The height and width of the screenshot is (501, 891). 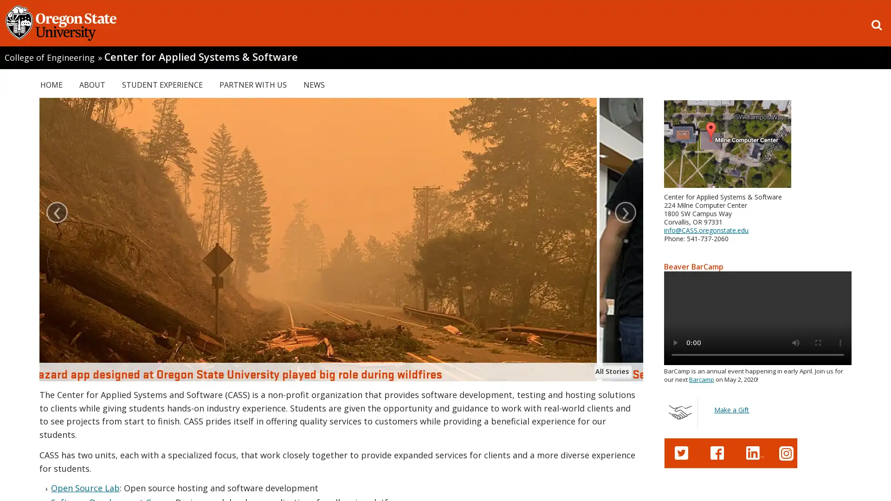 What do you see at coordinates (675, 342) in the screenshot?
I see `play` at bounding box center [675, 342].